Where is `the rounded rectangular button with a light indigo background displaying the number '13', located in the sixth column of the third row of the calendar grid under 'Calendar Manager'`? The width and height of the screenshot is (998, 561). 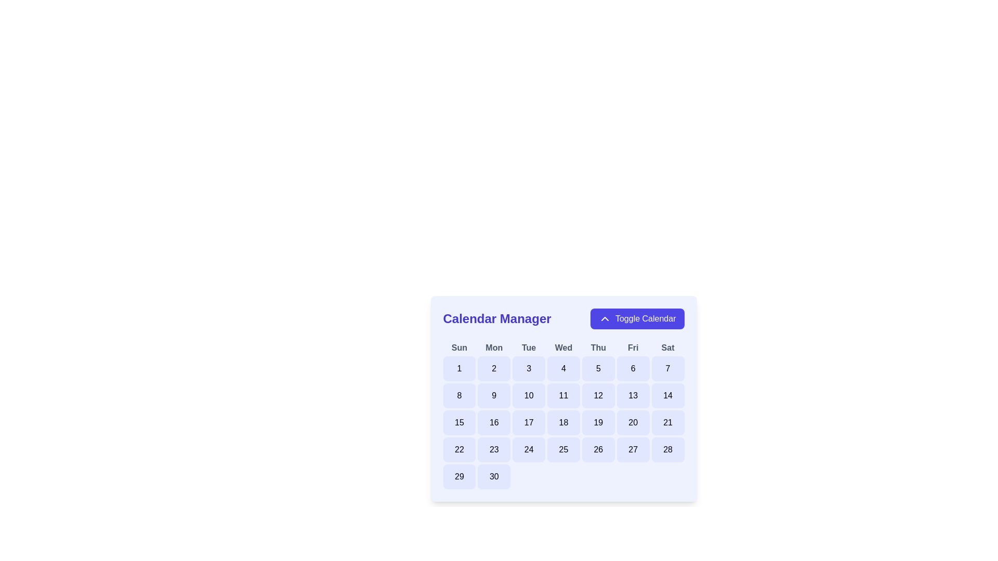 the rounded rectangular button with a light indigo background displaying the number '13', located in the sixth column of the third row of the calendar grid under 'Calendar Manager' is located at coordinates (633, 396).